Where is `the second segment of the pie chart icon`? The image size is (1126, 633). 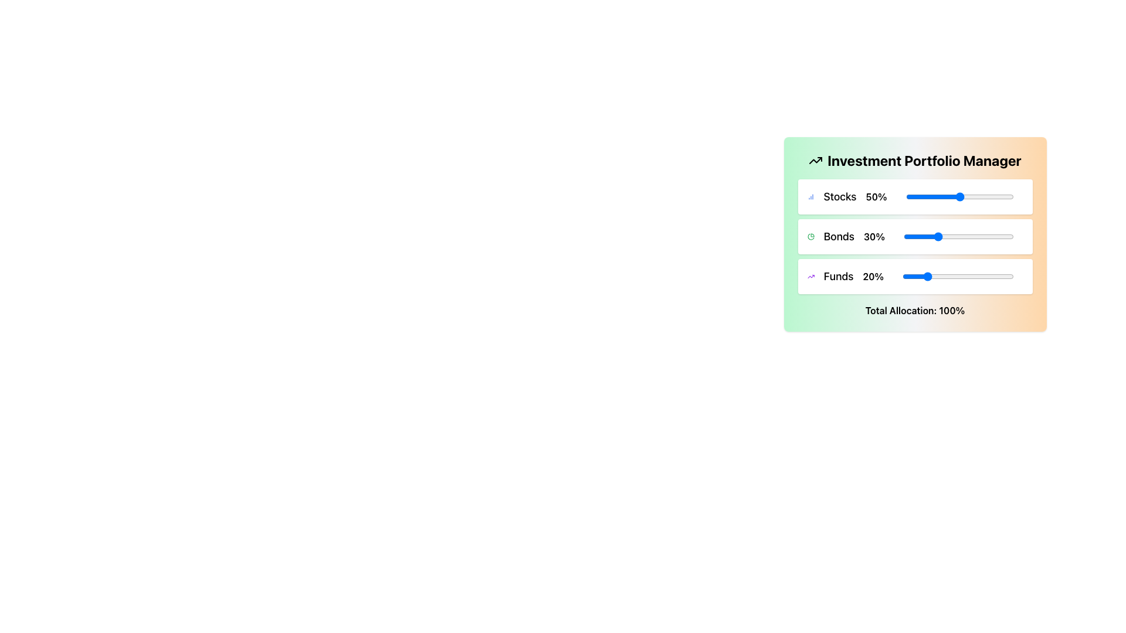
the second segment of the pie chart icon is located at coordinates (810, 237).